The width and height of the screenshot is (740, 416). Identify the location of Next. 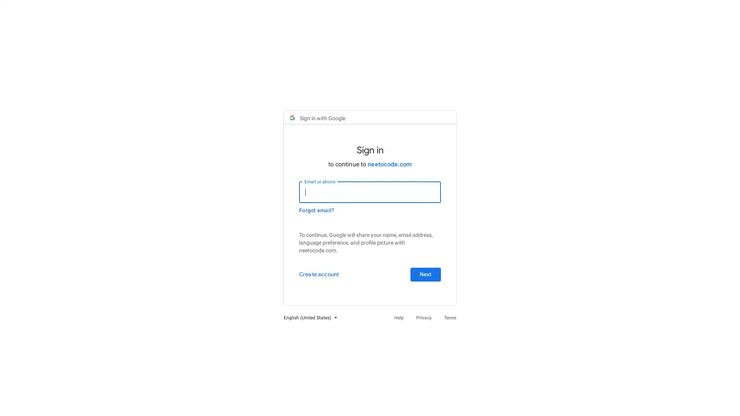
(425, 274).